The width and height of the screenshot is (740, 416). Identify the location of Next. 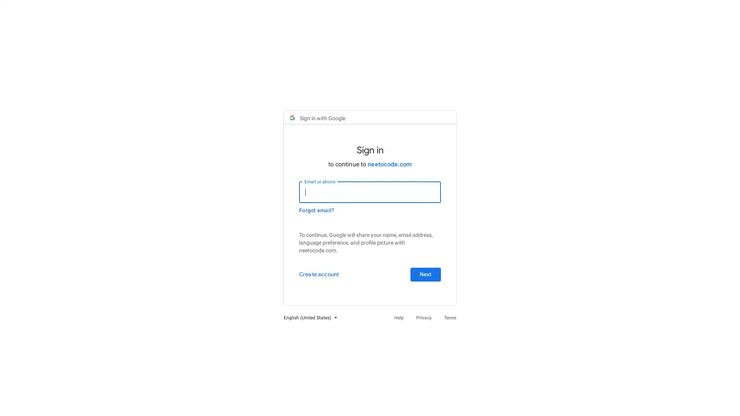
(425, 274).